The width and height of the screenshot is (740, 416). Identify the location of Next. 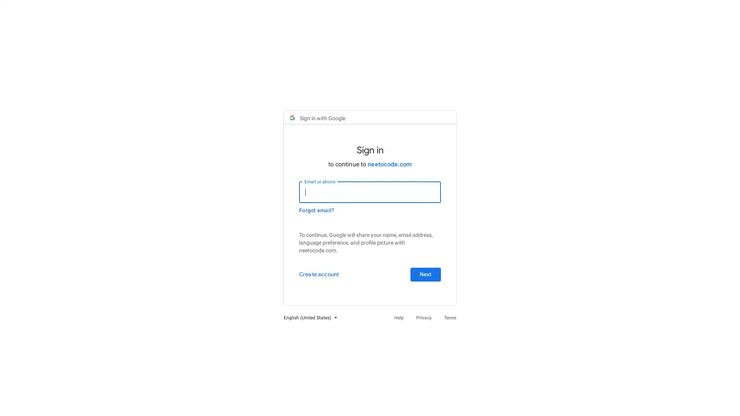
(425, 274).